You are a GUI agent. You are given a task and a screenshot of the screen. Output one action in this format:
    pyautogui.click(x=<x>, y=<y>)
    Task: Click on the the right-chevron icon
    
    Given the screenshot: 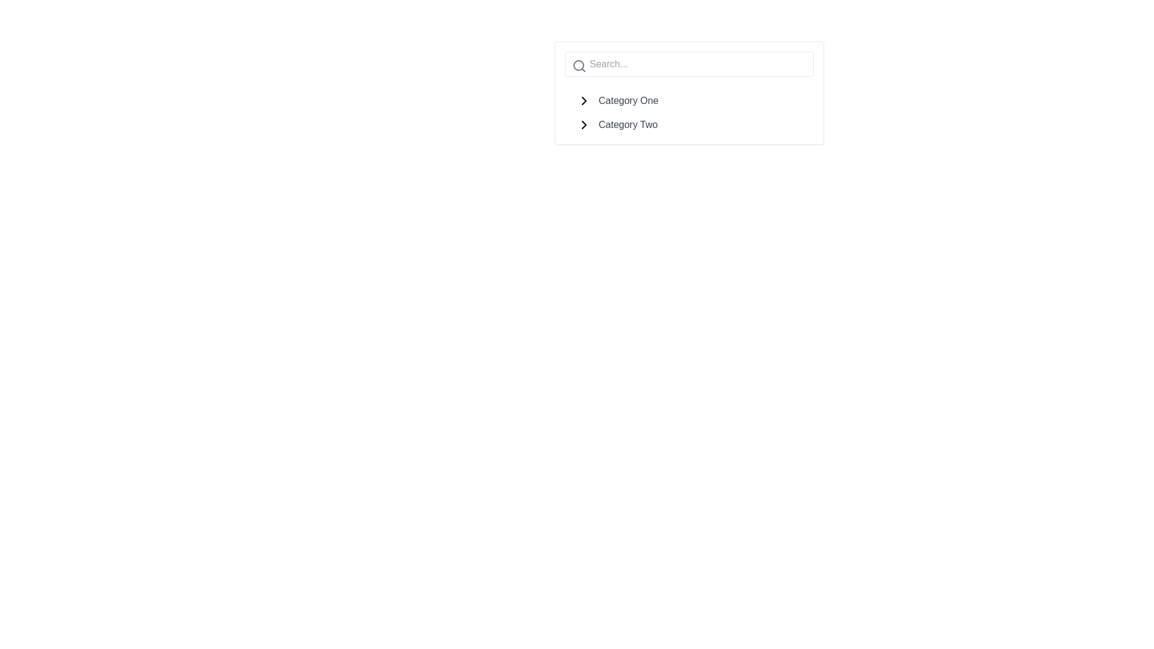 What is the action you would take?
    pyautogui.click(x=584, y=125)
    